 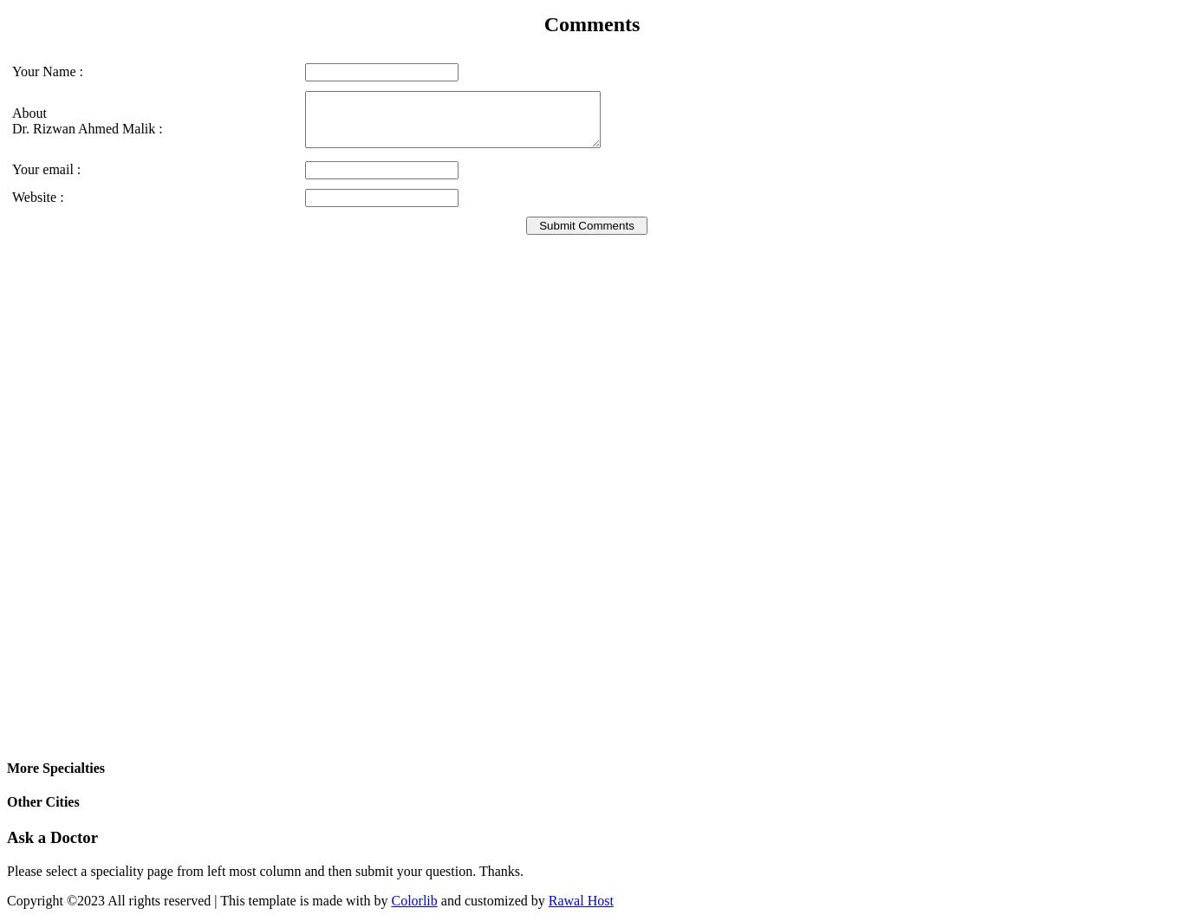 What do you see at coordinates (42, 801) in the screenshot?
I see `'Other Cities'` at bounding box center [42, 801].